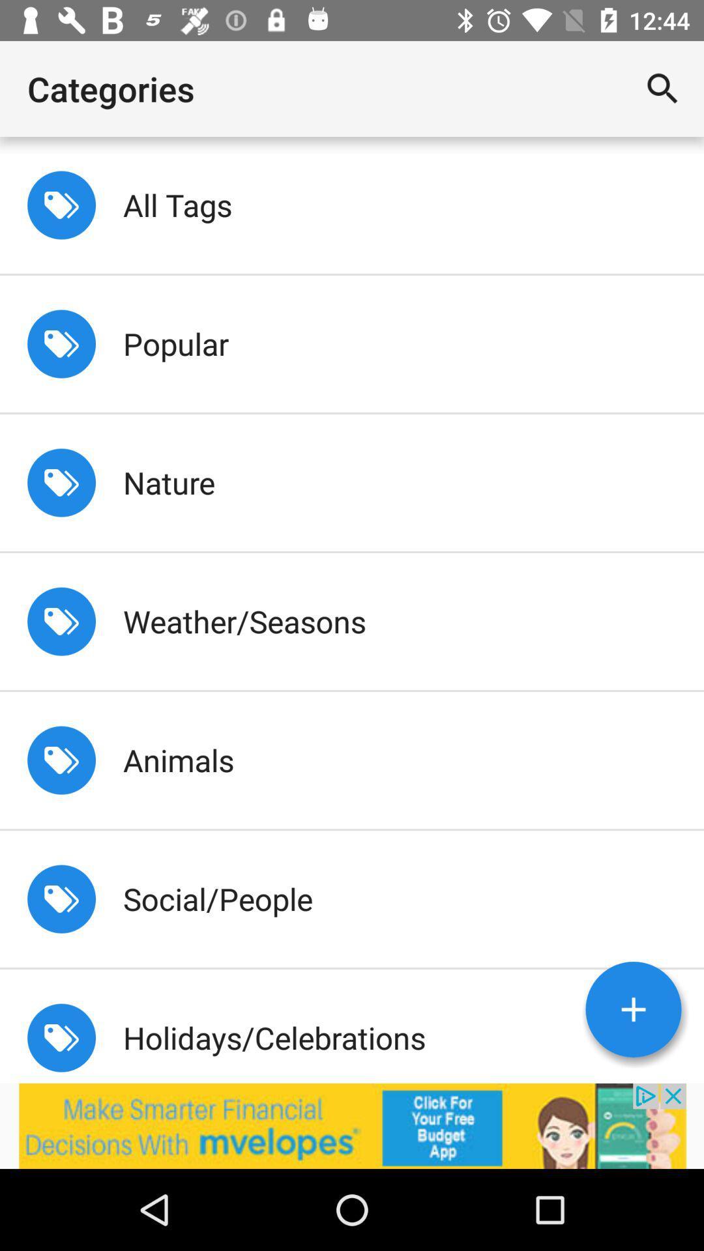 The width and height of the screenshot is (704, 1251). I want to click on more option, so click(633, 1009).